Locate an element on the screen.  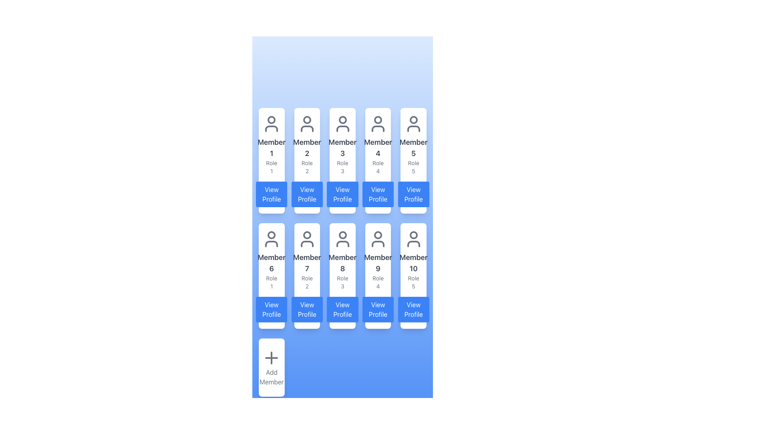
the label indicating the role or position associated with Member 10, which is located below the 'Member 10' heading and above the 'View Profile' button is located at coordinates (413, 282).